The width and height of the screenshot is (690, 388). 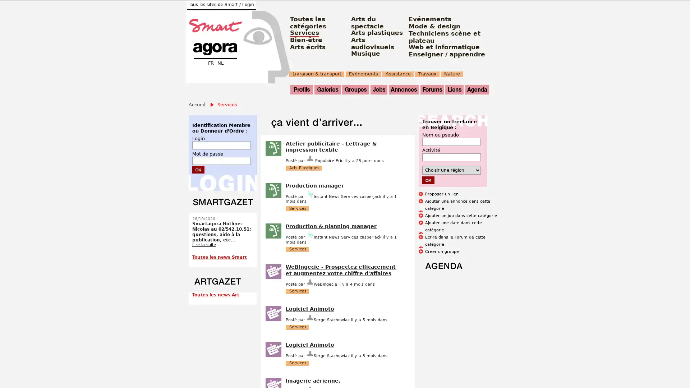 I want to click on Submit, so click(x=198, y=169).